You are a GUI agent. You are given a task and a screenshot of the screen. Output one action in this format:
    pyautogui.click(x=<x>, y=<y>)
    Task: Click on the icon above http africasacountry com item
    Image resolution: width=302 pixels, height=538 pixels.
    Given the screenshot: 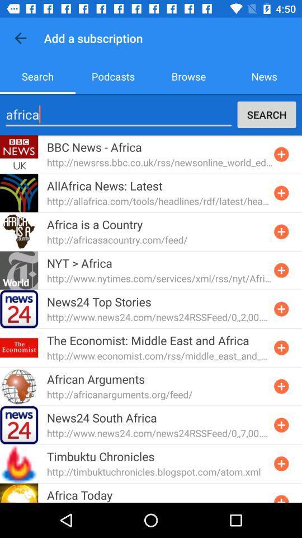 What is the action you would take?
    pyautogui.click(x=94, y=224)
    